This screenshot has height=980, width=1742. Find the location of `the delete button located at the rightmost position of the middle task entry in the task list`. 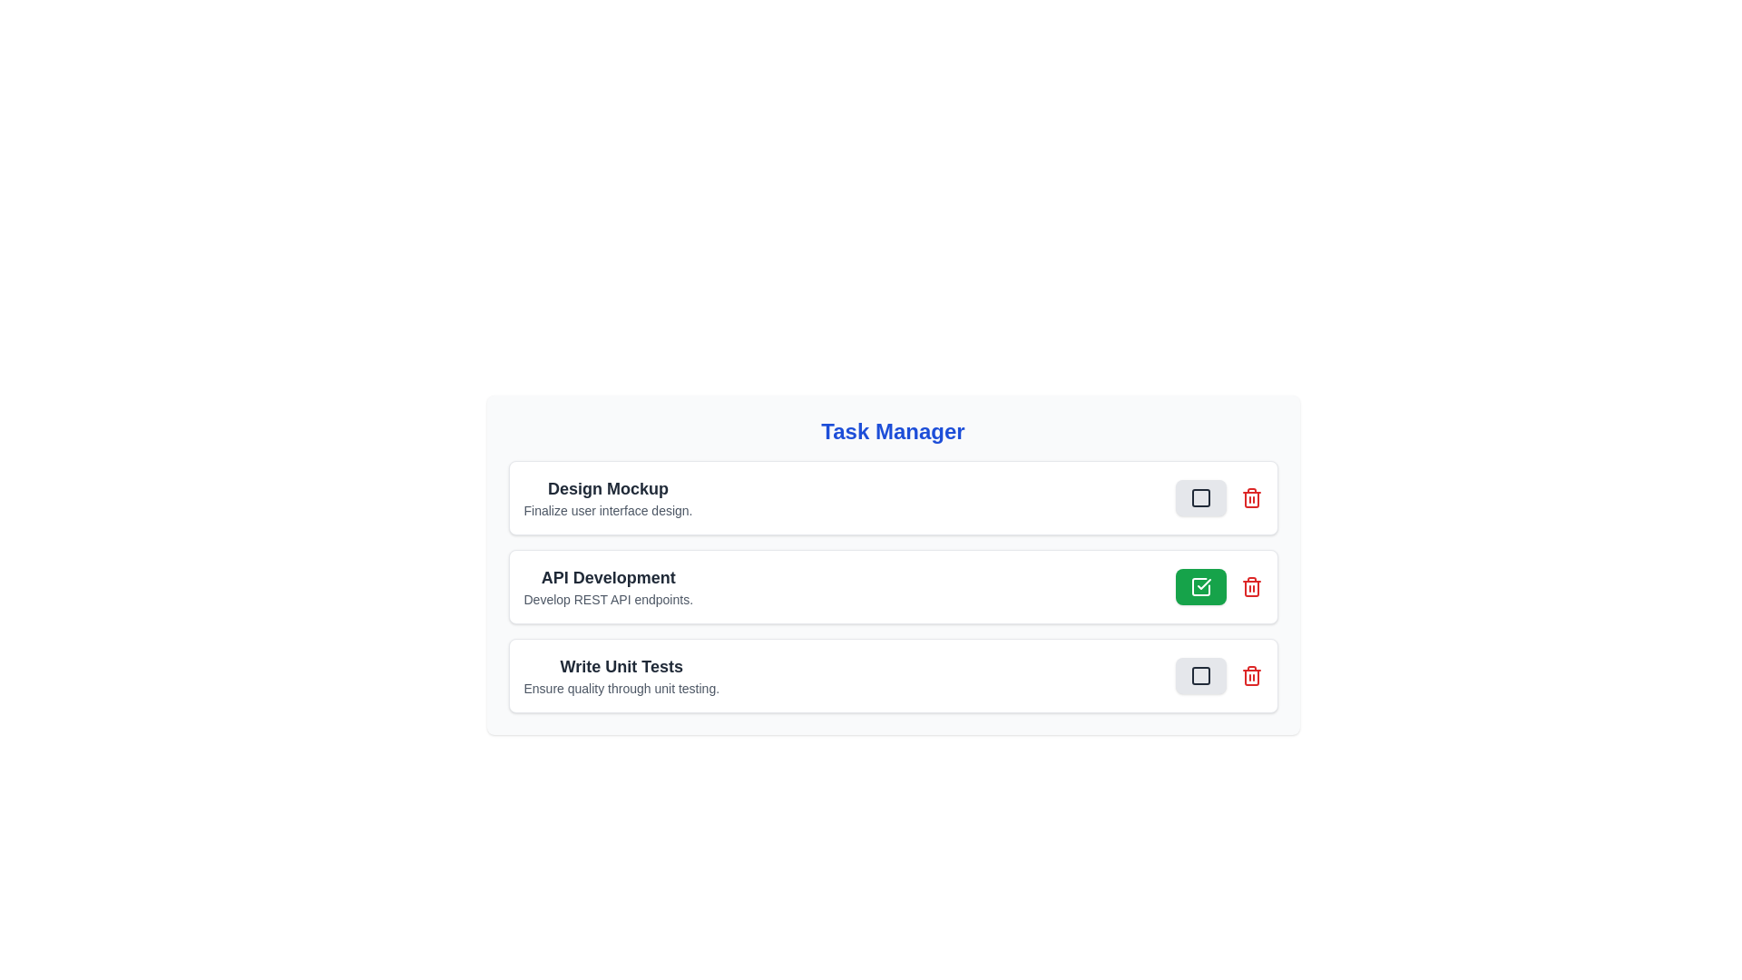

the delete button located at the rightmost position of the middle task entry in the task list is located at coordinates (1250, 587).